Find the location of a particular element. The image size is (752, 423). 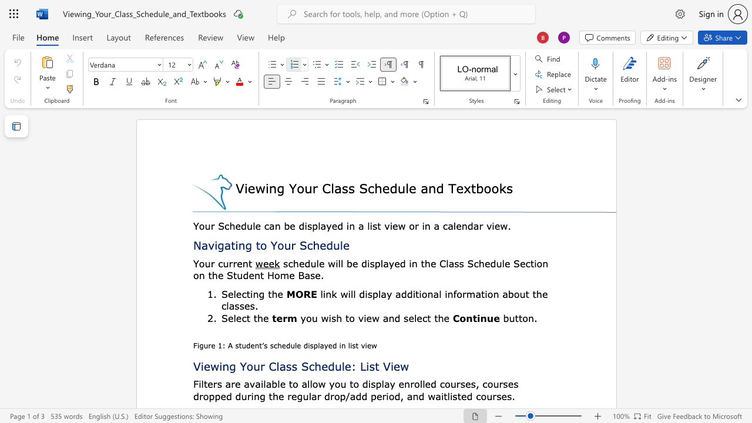

the 1th character "Y" in the text is located at coordinates (196, 263).